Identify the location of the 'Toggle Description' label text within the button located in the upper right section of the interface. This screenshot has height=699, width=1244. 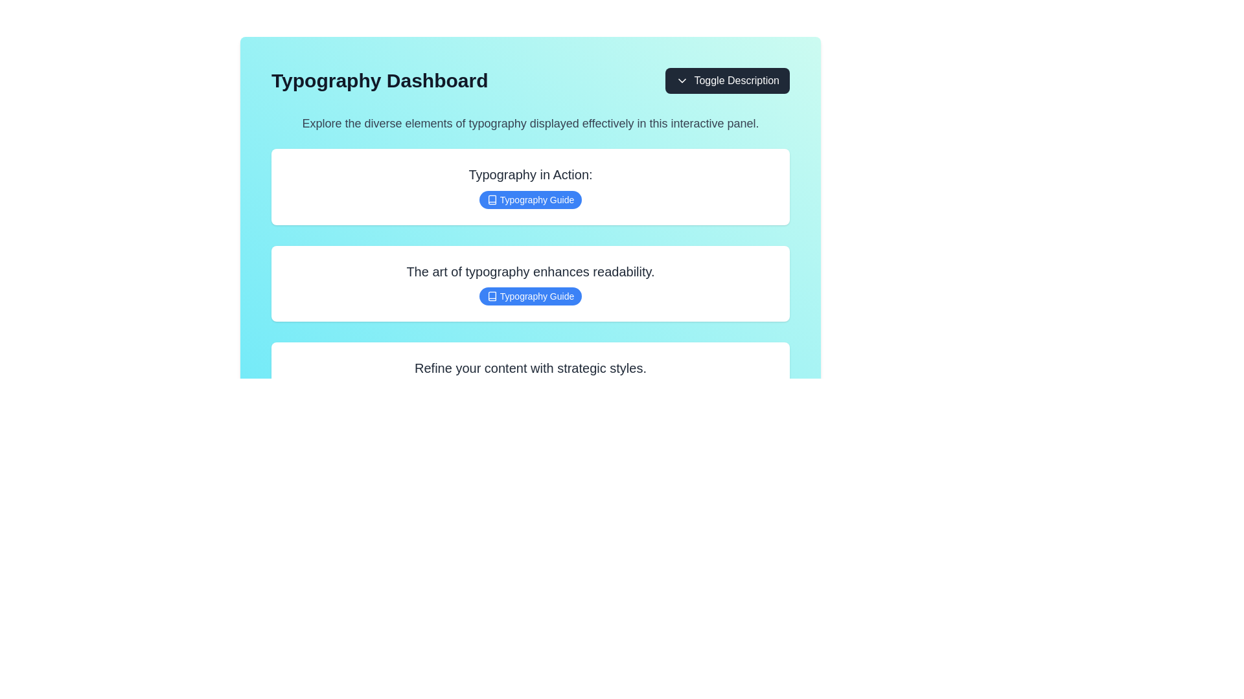
(737, 80).